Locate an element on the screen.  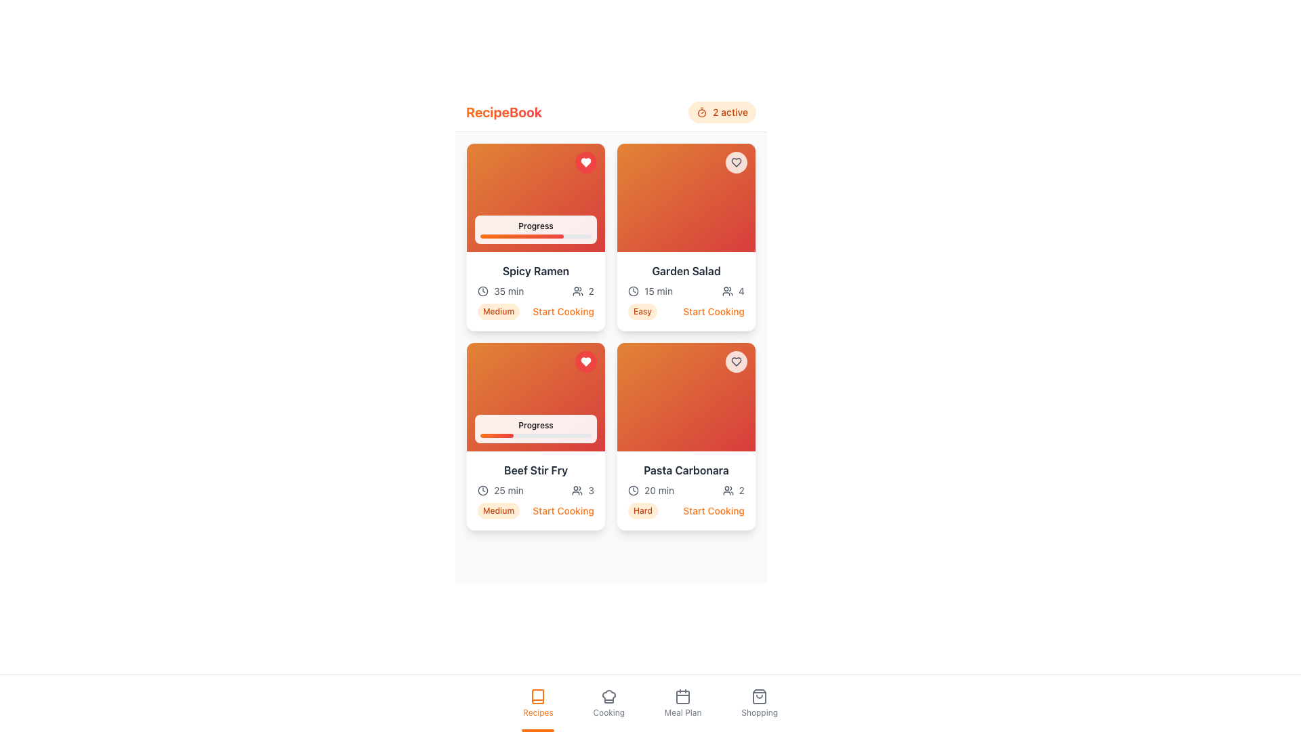
the icon representing a group of users, which is styled as a pair of overlapping silhouettes and positioned to the left of the number '2' text is located at coordinates (727, 491).